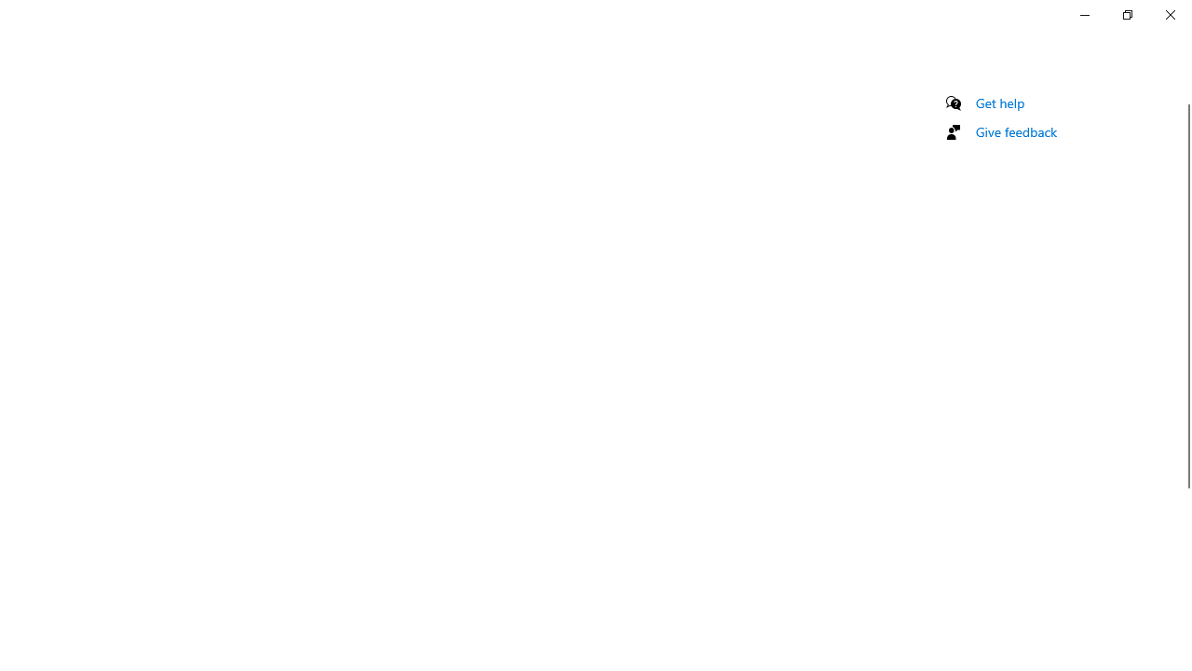 The height and width of the screenshot is (671, 1192). I want to click on 'Close Settings', so click(1169, 14).